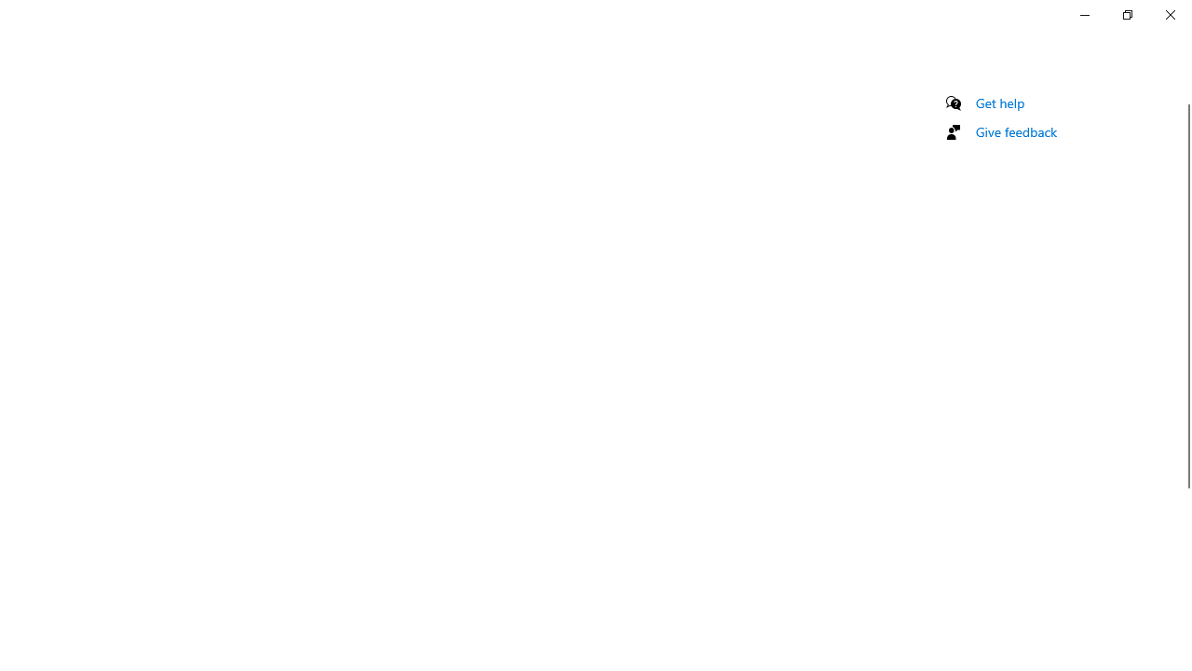 The height and width of the screenshot is (671, 1192). I want to click on 'Close Settings', so click(1169, 14).